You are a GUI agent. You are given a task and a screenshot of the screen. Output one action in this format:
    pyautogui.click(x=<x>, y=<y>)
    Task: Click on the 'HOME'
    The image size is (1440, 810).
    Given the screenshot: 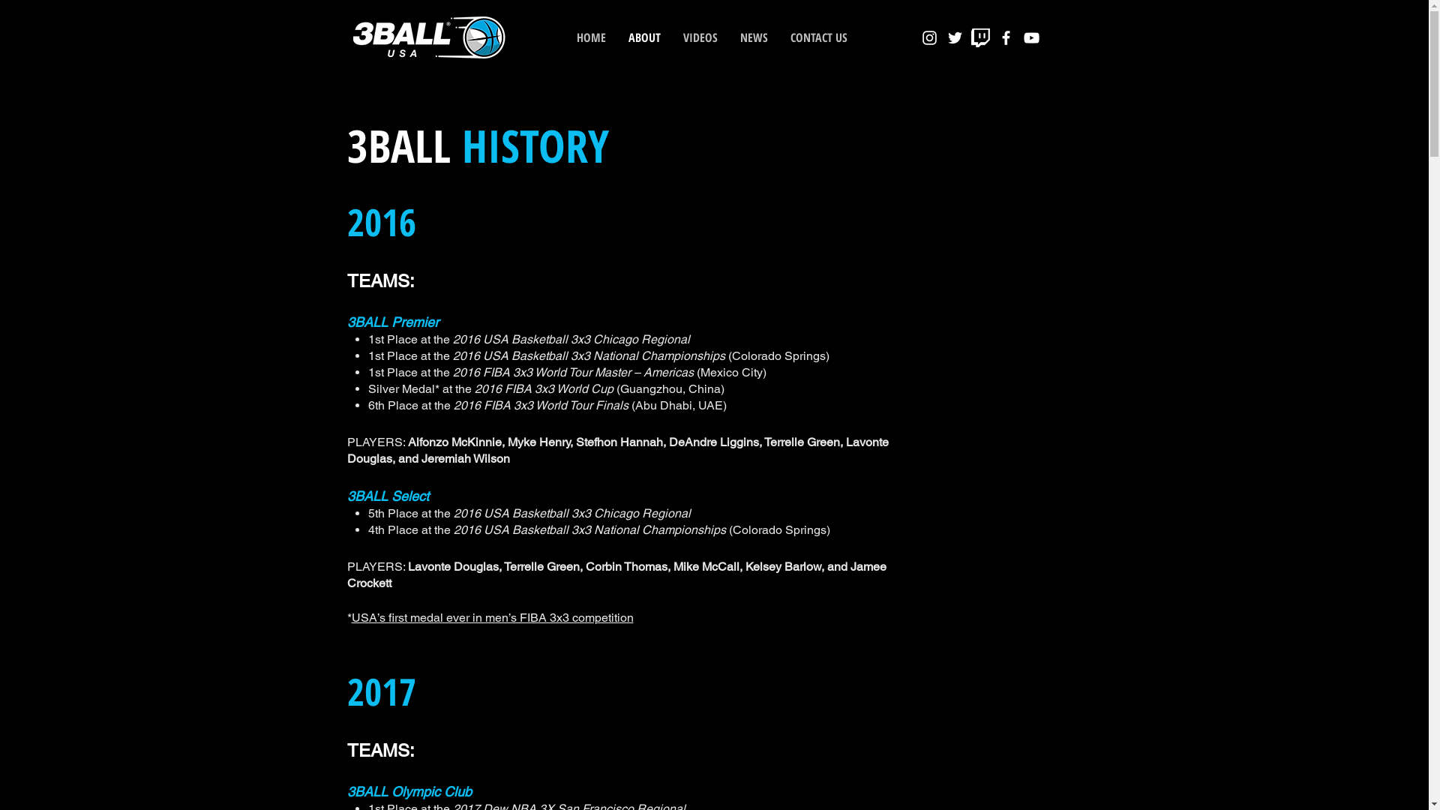 What is the action you would take?
    pyautogui.click(x=564, y=37)
    